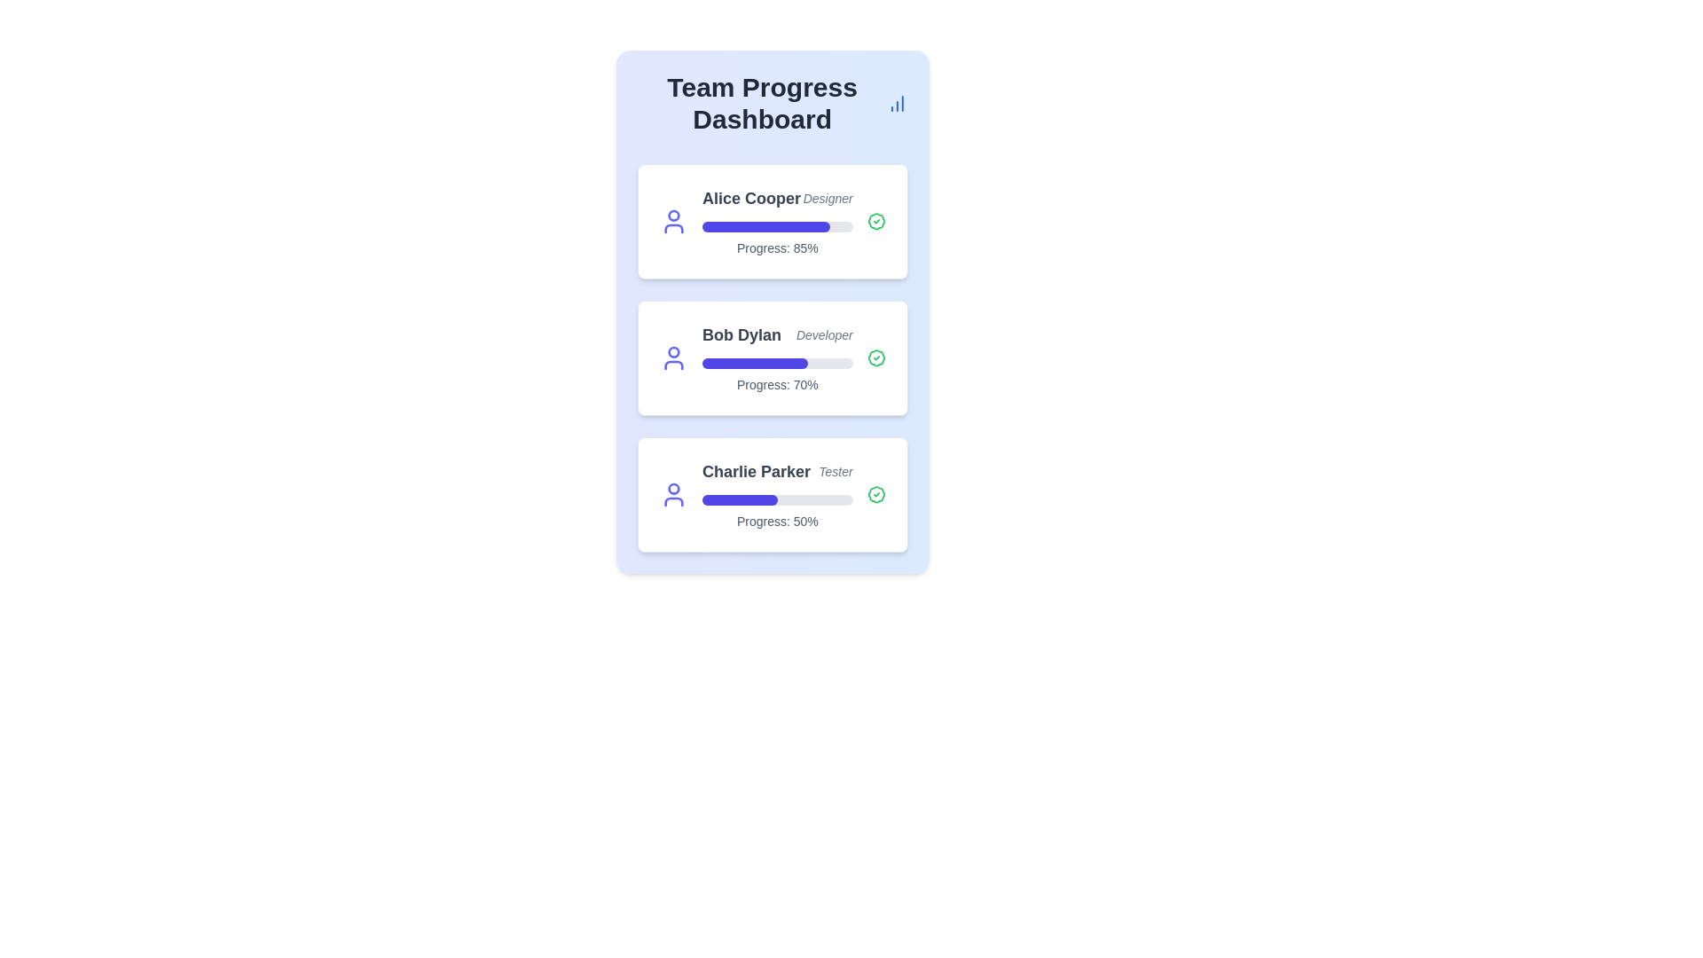  Describe the element at coordinates (672, 215) in the screenshot. I see `the circular graphical ellipse shape representing the user's image, located at the top portion of the blue user icon, positioned to the left of the text 'Alice Cooper Designer'` at that location.